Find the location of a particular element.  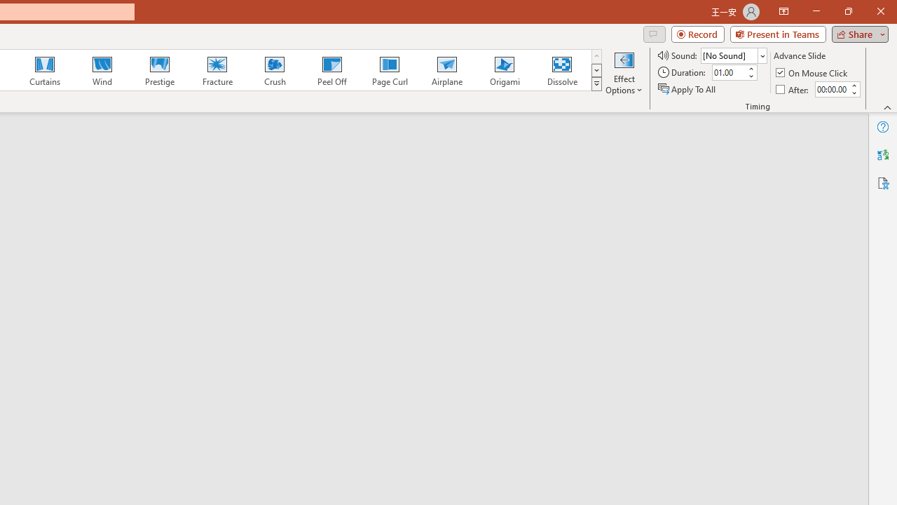

'On Mouse Click' is located at coordinates (812, 72).